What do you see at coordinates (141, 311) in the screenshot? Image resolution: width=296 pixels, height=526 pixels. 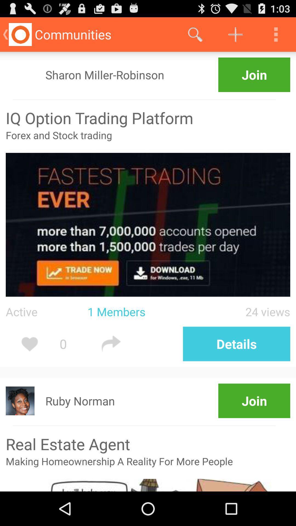 I see `item next to active` at bounding box center [141, 311].